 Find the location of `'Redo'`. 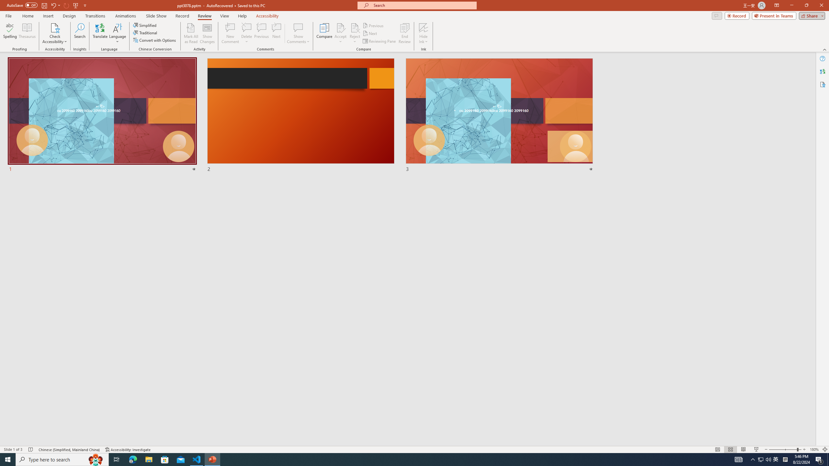

'Redo' is located at coordinates (66, 5).